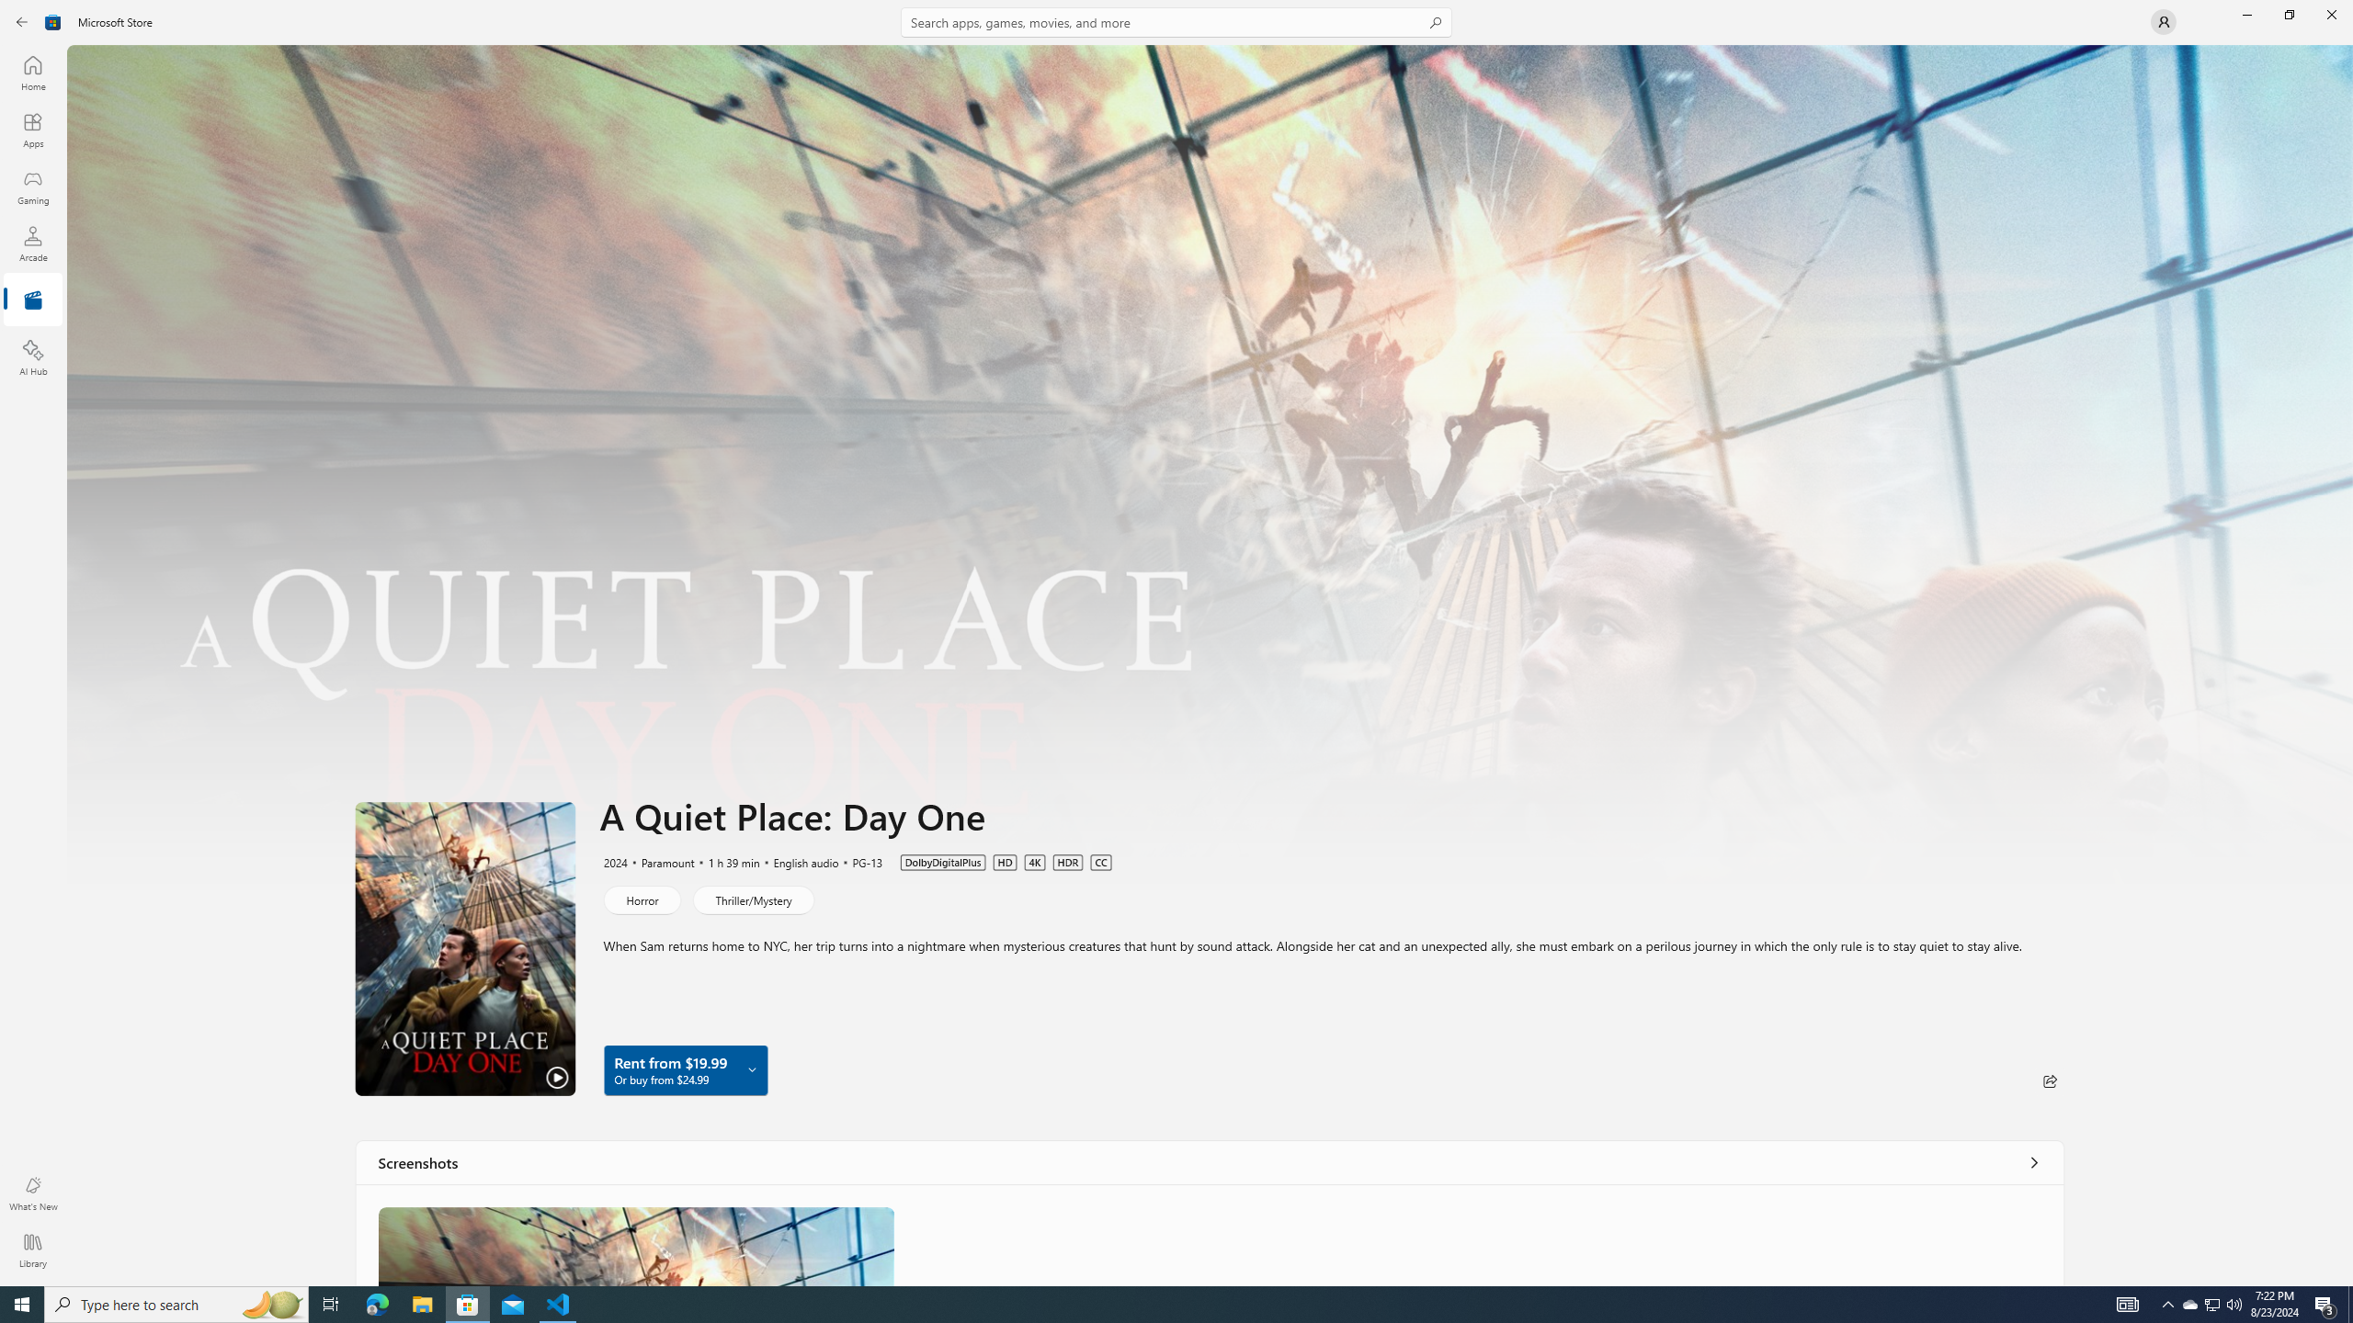  Describe the element at coordinates (685, 1069) in the screenshot. I see `'Rent from $19.99 Or buy from $24.99'` at that location.